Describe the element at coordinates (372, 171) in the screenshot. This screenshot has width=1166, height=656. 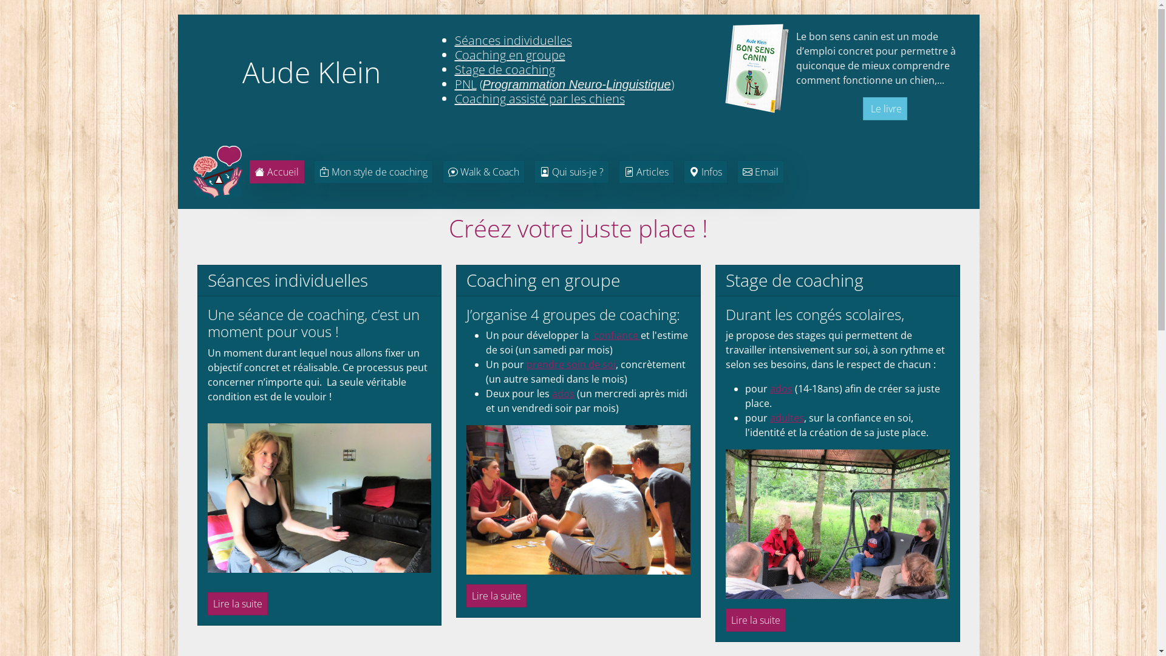
I see `'Mon style de coaching'` at that location.